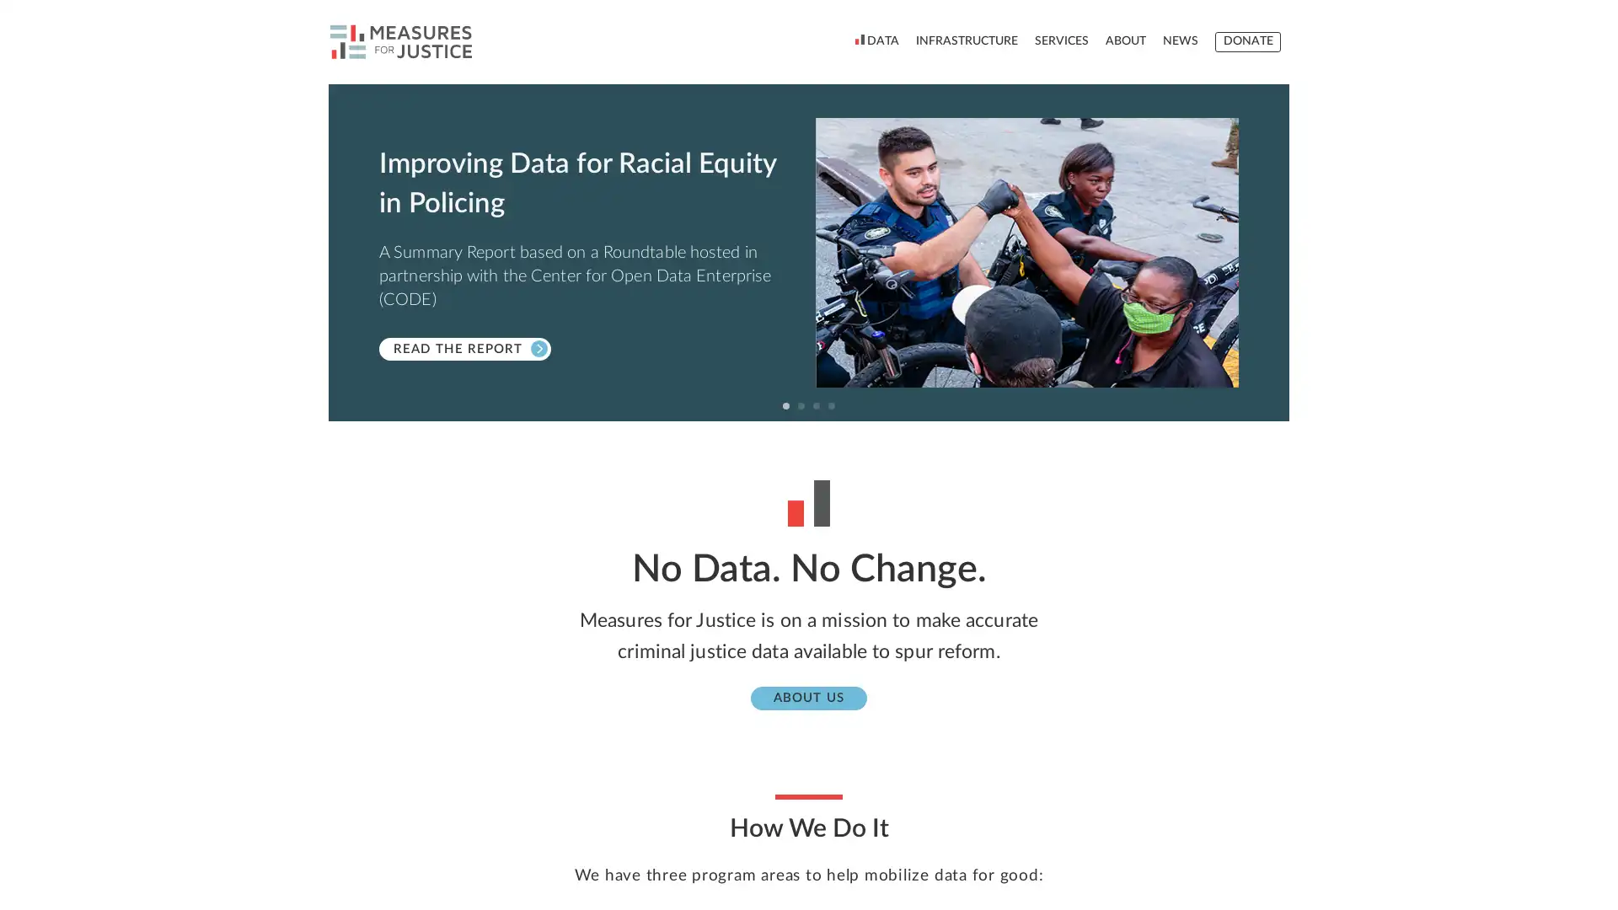 The image size is (1618, 910). I want to click on Next carousel item, so click(1270, 253).